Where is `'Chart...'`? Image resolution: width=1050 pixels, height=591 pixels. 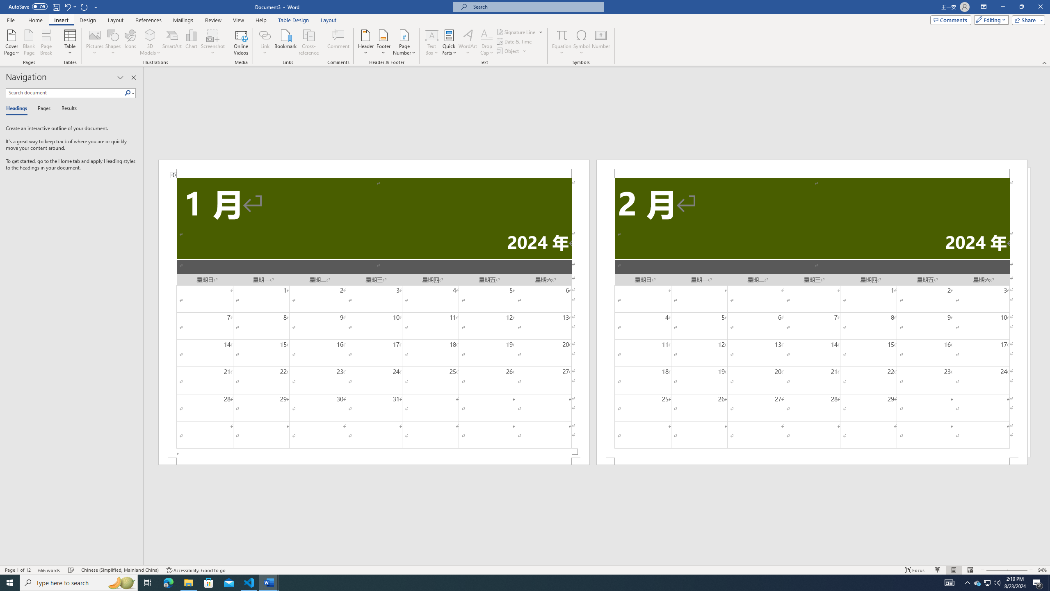 'Chart...' is located at coordinates (191, 42).